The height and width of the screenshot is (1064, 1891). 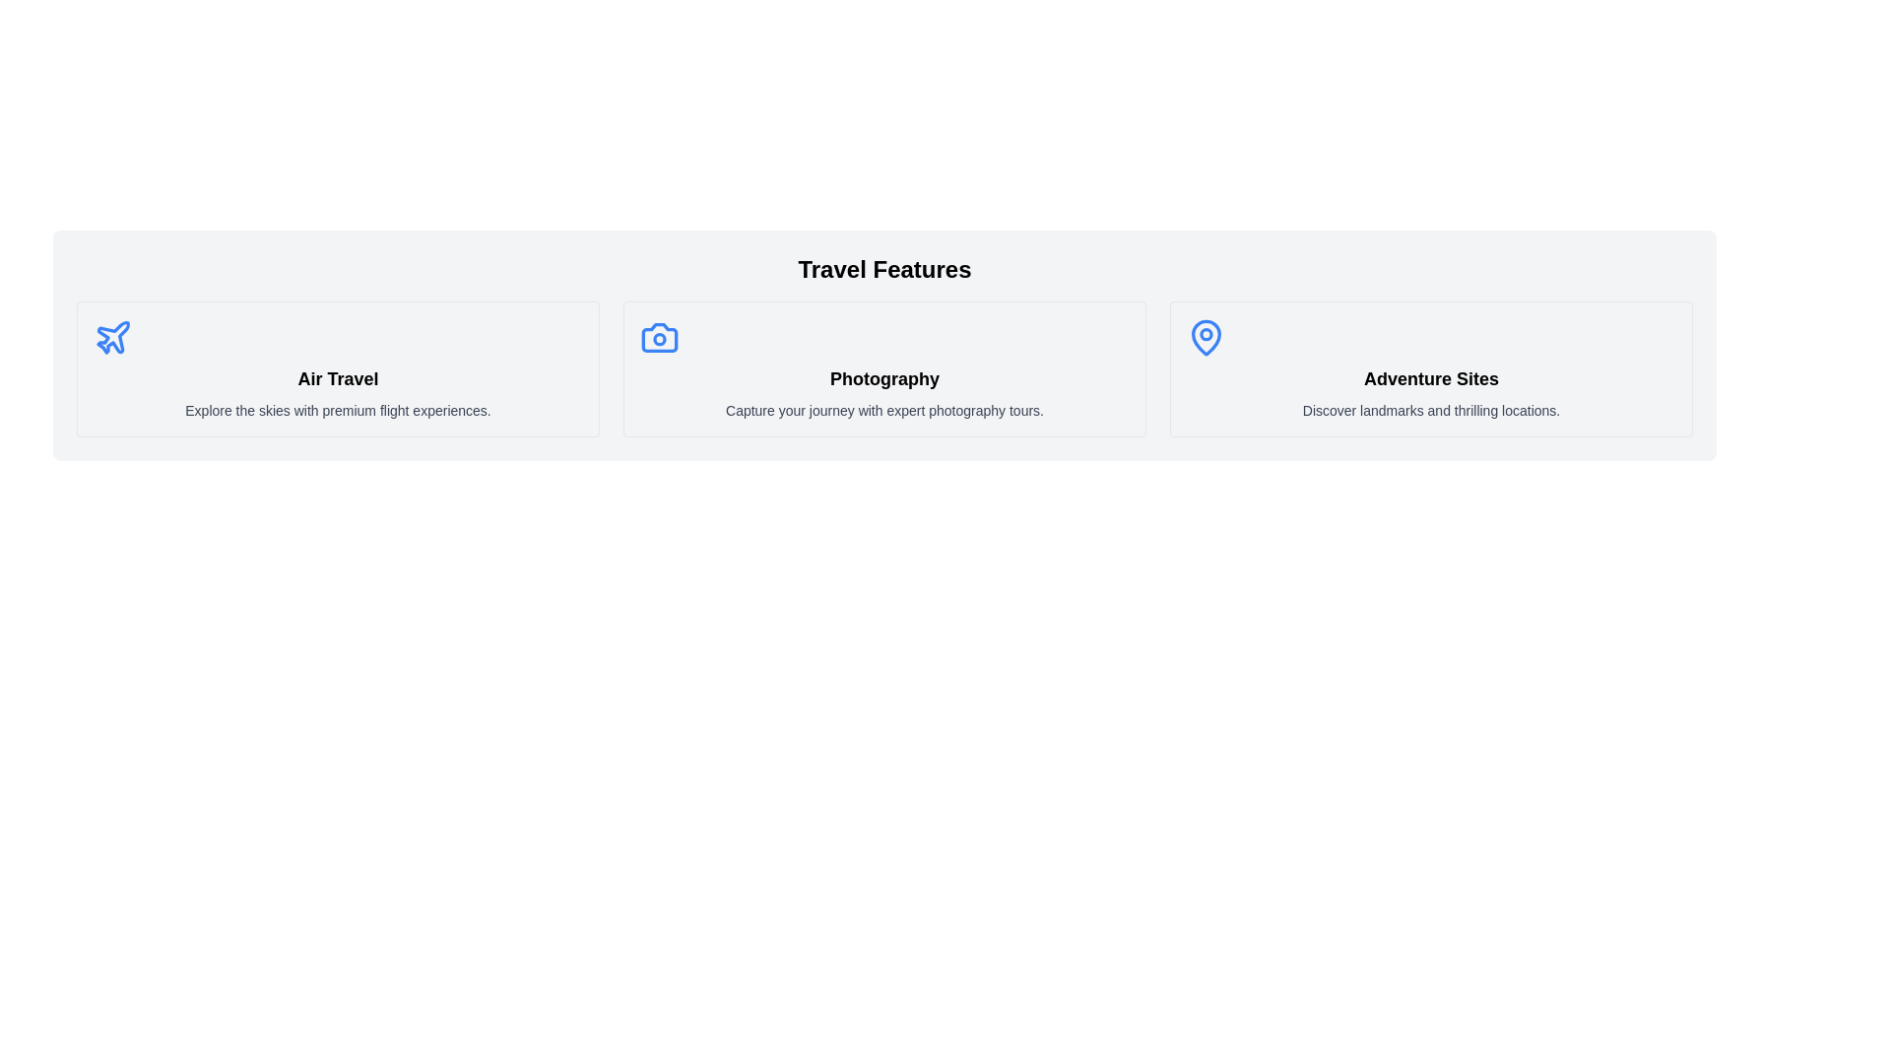 What do you see at coordinates (1205, 337) in the screenshot?
I see `the decorative icon symbolizing location or mapping in the third card of a horizontally aligned row` at bounding box center [1205, 337].